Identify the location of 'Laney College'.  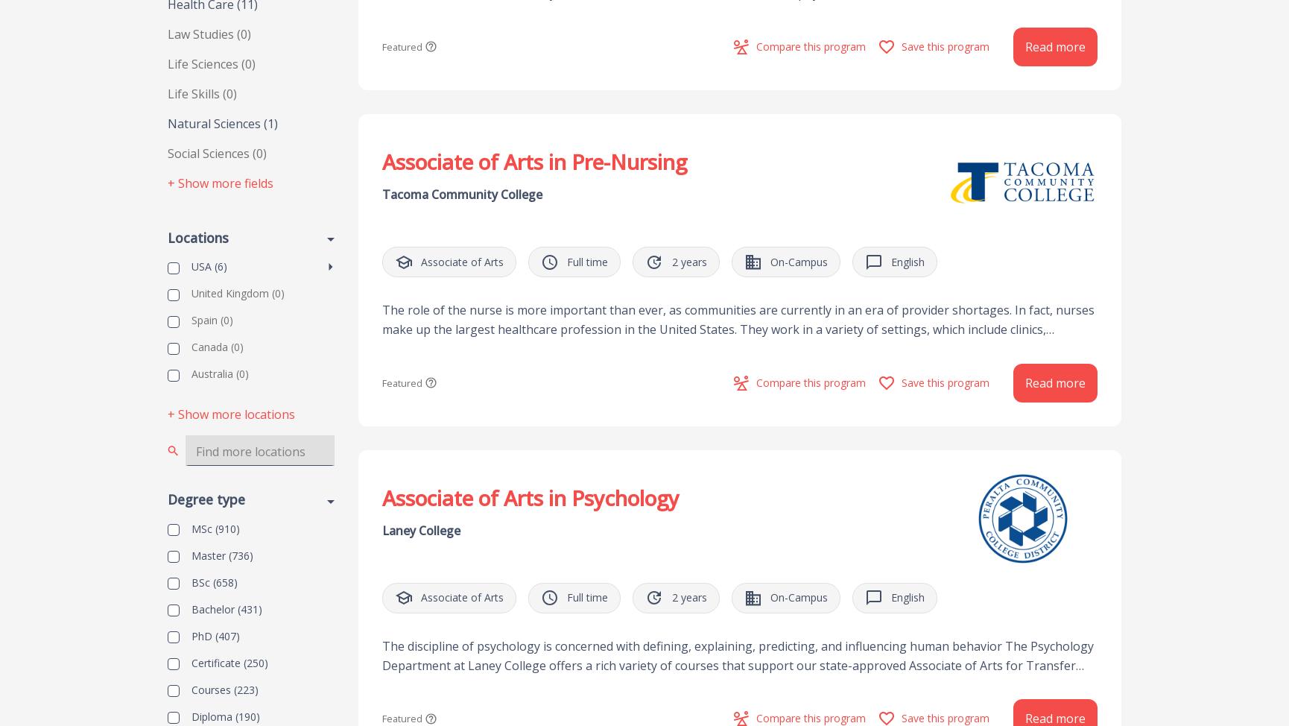
(420, 530).